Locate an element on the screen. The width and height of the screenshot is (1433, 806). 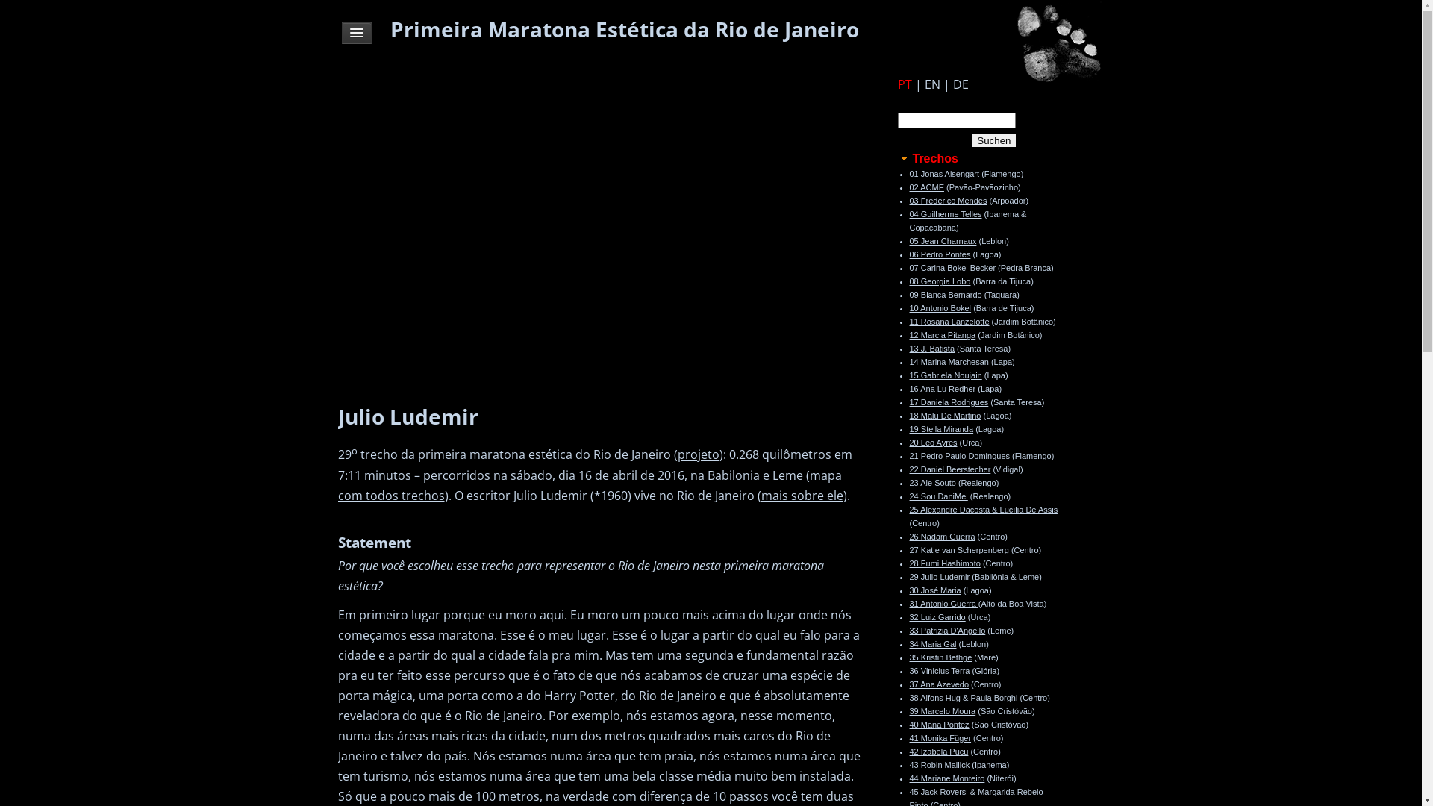
'10 Antonio Bokel' is located at coordinates (939, 307).